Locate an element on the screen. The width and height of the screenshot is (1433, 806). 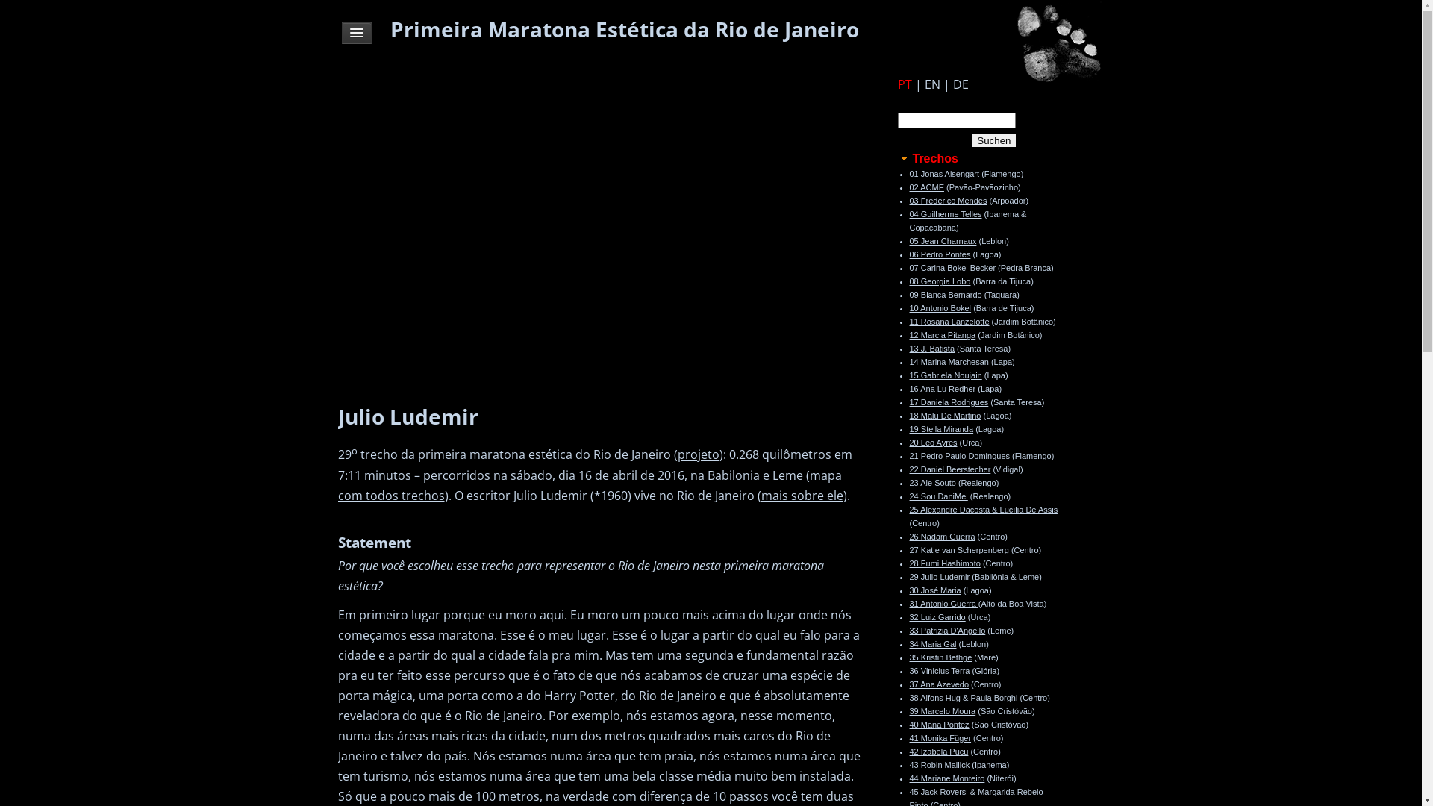
'10 Antonio Bokel' is located at coordinates (939, 307).